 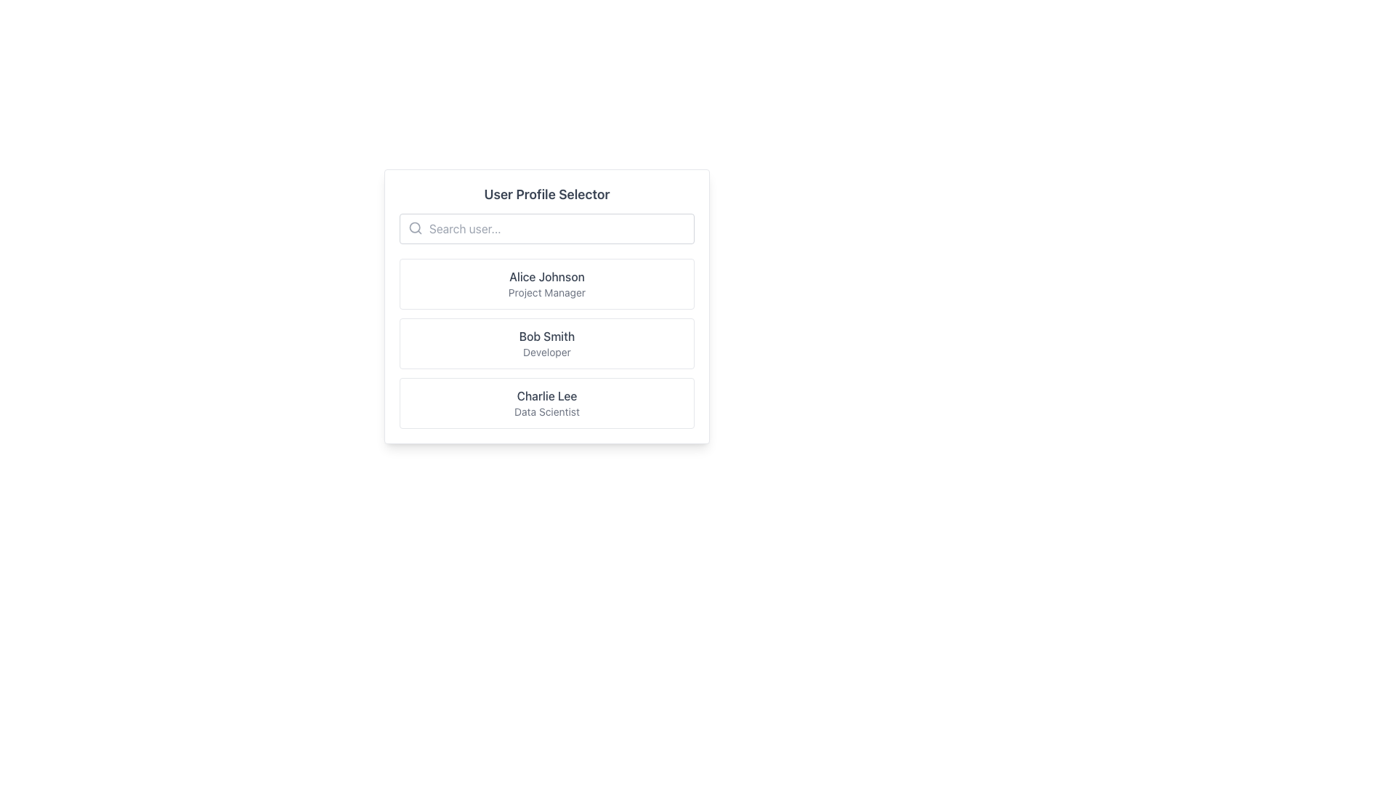 What do you see at coordinates (546, 403) in the screenshot?
I see `the user profile list item representing 'Charlie Lee - Data Scientist'` at bounding box center [546, 403].